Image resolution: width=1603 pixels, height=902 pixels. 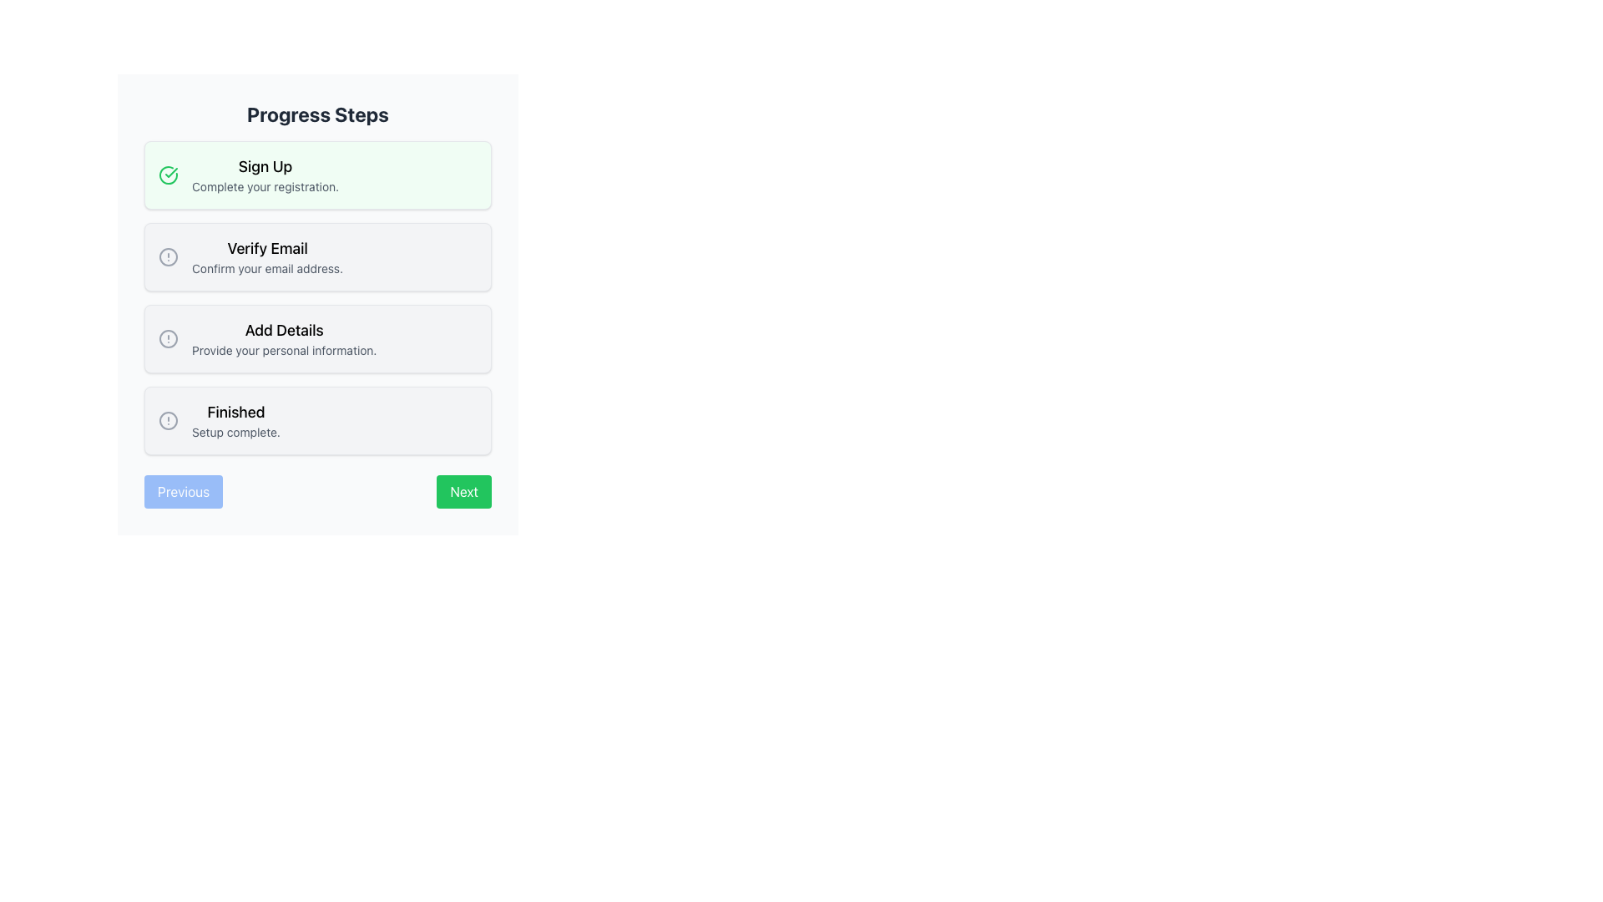 I want to click on the text label displaying 'Setup complete.' located under the title 'Finished' in the 'Progress Steps' interface, so click(x=235, y=431).